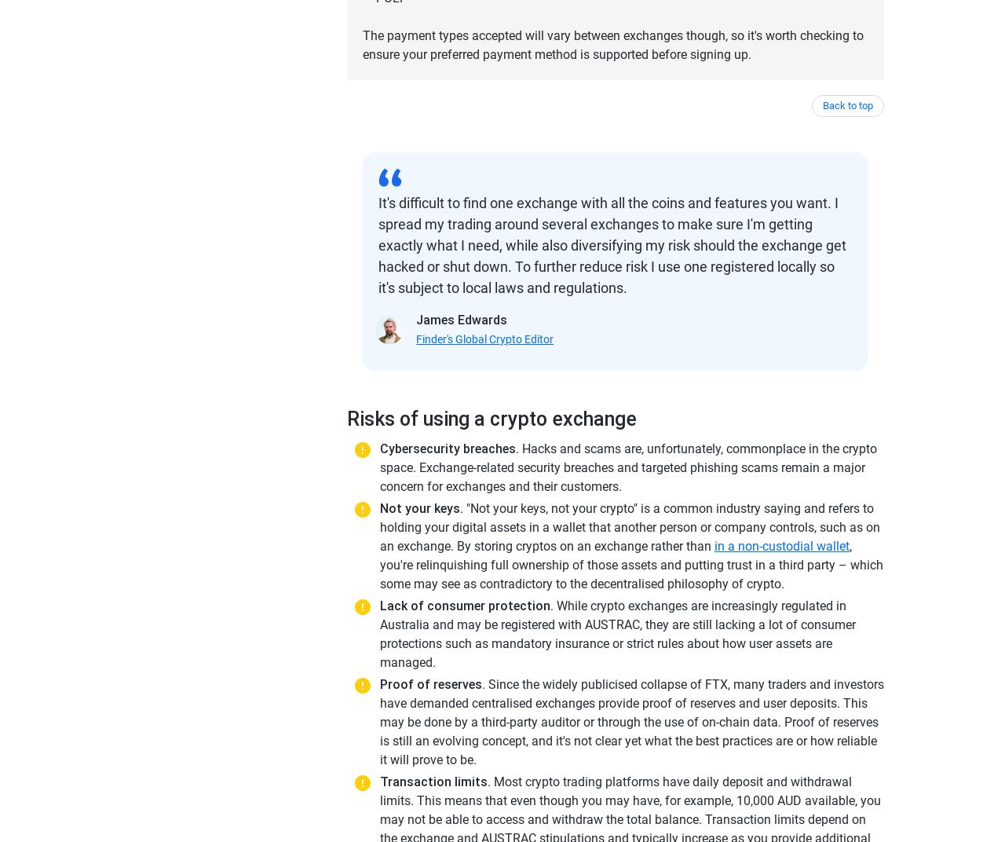 The image size is (1005, 842). I want to click on 'Hacks and scams are, unfortunately, commonplace in the crypto space. Exchange-related security breaches and targeted phishing scams remain a major concern for exchanges and their customers.', so click(628, 467).